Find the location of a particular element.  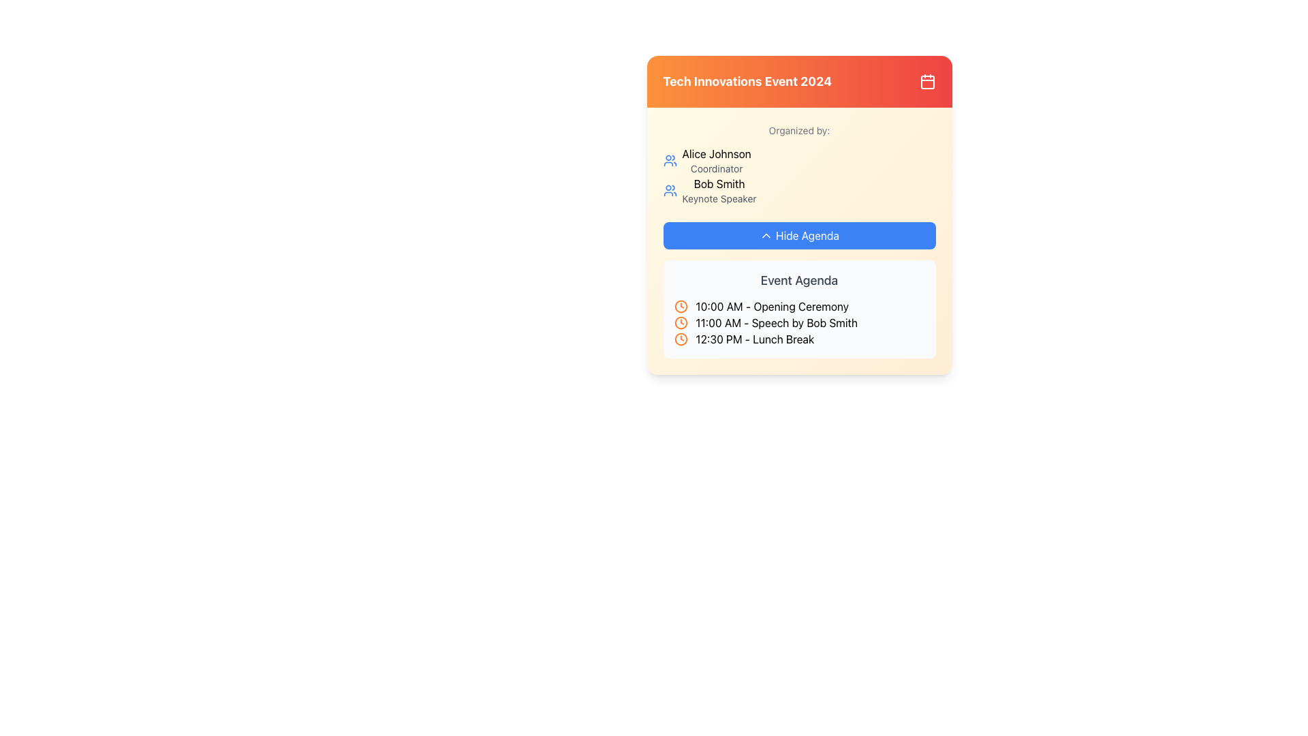

the time indicator icon for the '10:00 AM - Opening Ceremony' entry in the 'Event Agenda' section is located at coordinates (681, 307).